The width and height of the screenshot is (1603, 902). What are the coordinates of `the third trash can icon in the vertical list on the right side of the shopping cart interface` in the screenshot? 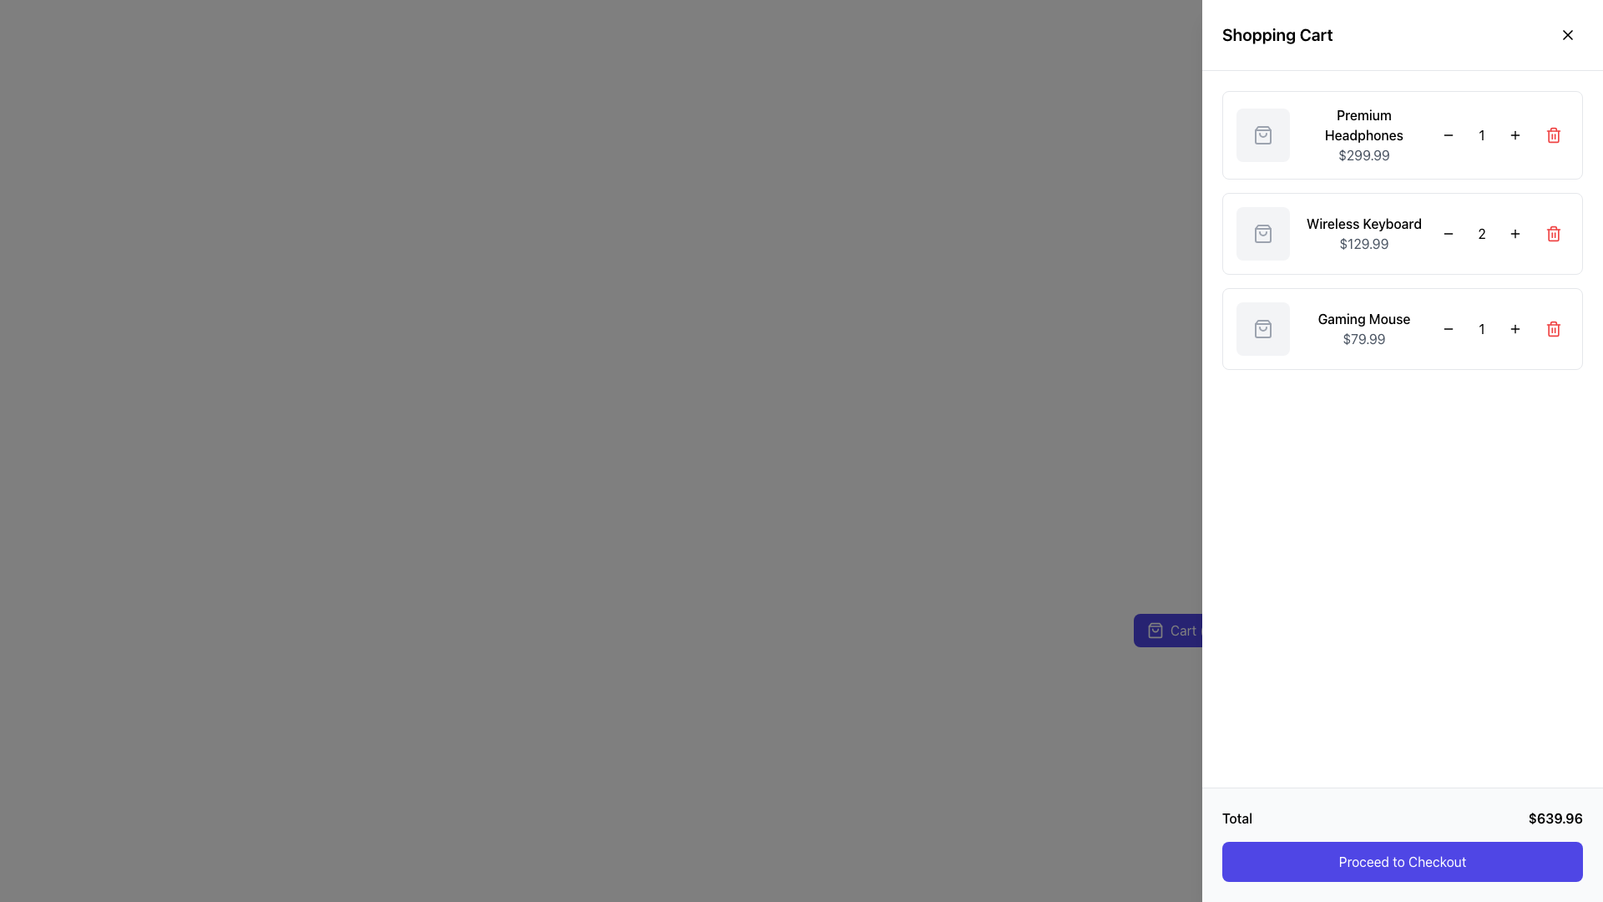 It's located at (1553, 328).